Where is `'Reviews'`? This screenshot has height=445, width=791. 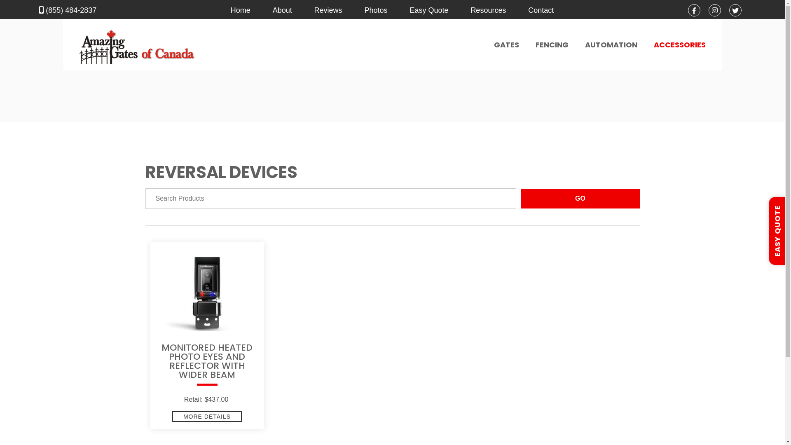
'Reviews' is located at coordinates (328, 10).